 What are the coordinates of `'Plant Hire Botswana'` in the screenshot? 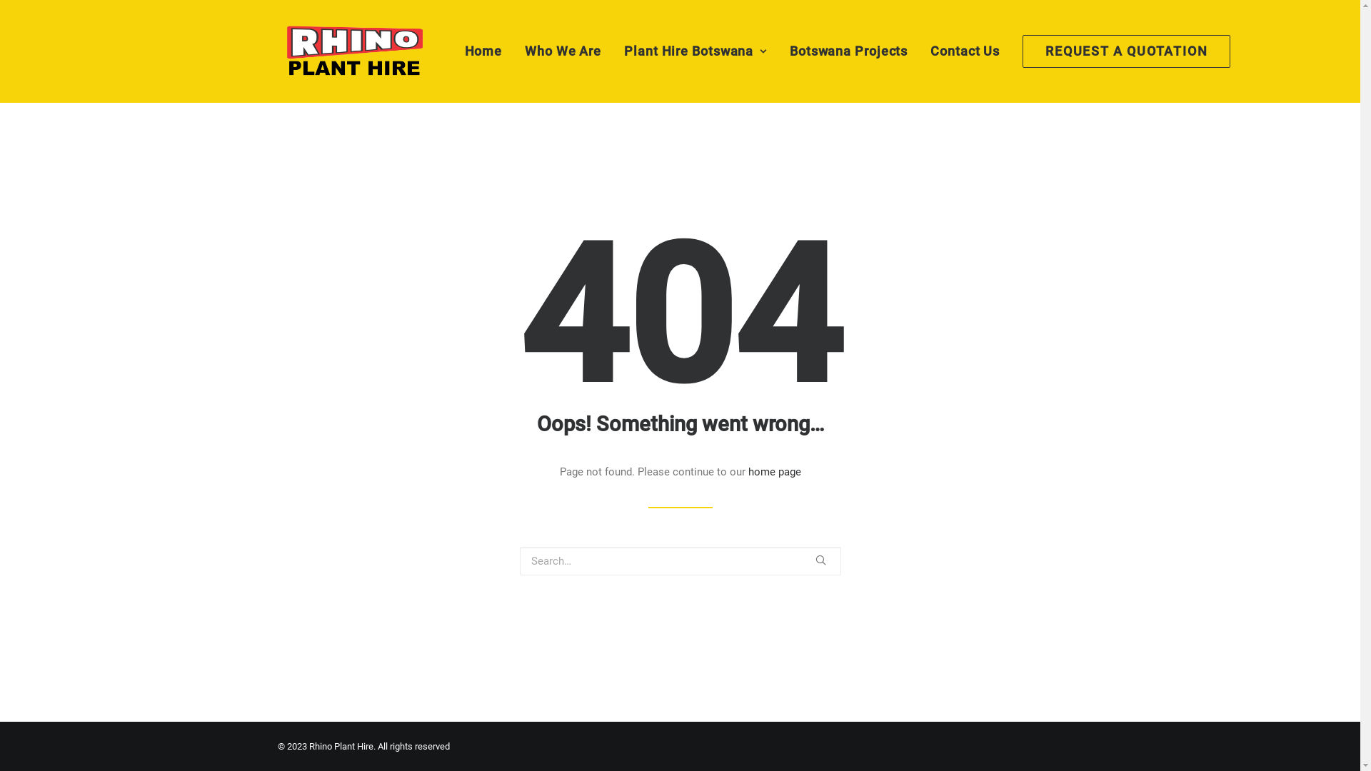 It's located at (695, 51).